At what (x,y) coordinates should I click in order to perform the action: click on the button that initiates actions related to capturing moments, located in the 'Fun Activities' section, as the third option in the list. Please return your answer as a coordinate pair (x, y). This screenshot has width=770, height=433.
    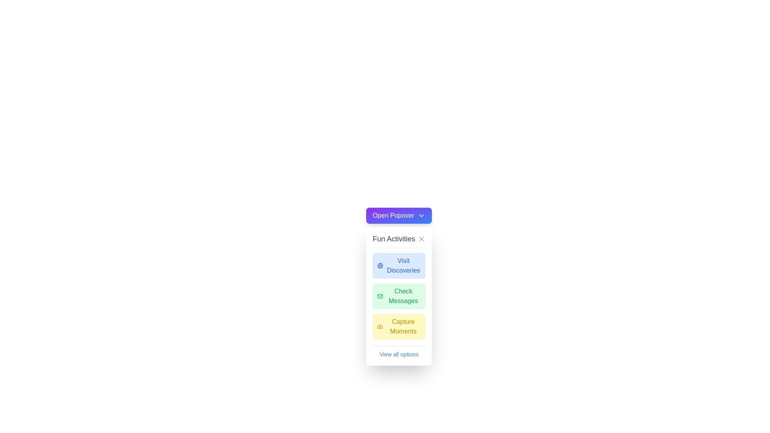
    Looking at the image, I should click on (399, 326).